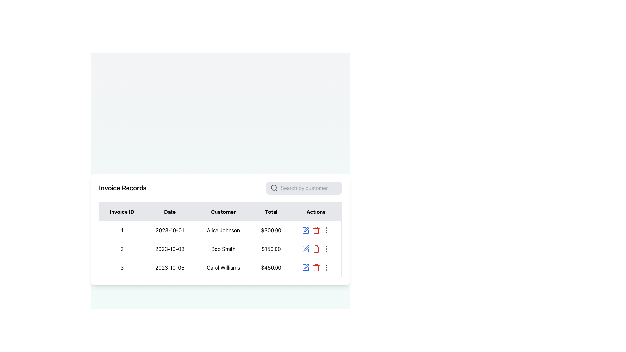 The image size is (626, 352). Describe the element at coordinates (316, 267) in the screenshot. I see `the red trash can icon in the 'Actions' column` at that location.